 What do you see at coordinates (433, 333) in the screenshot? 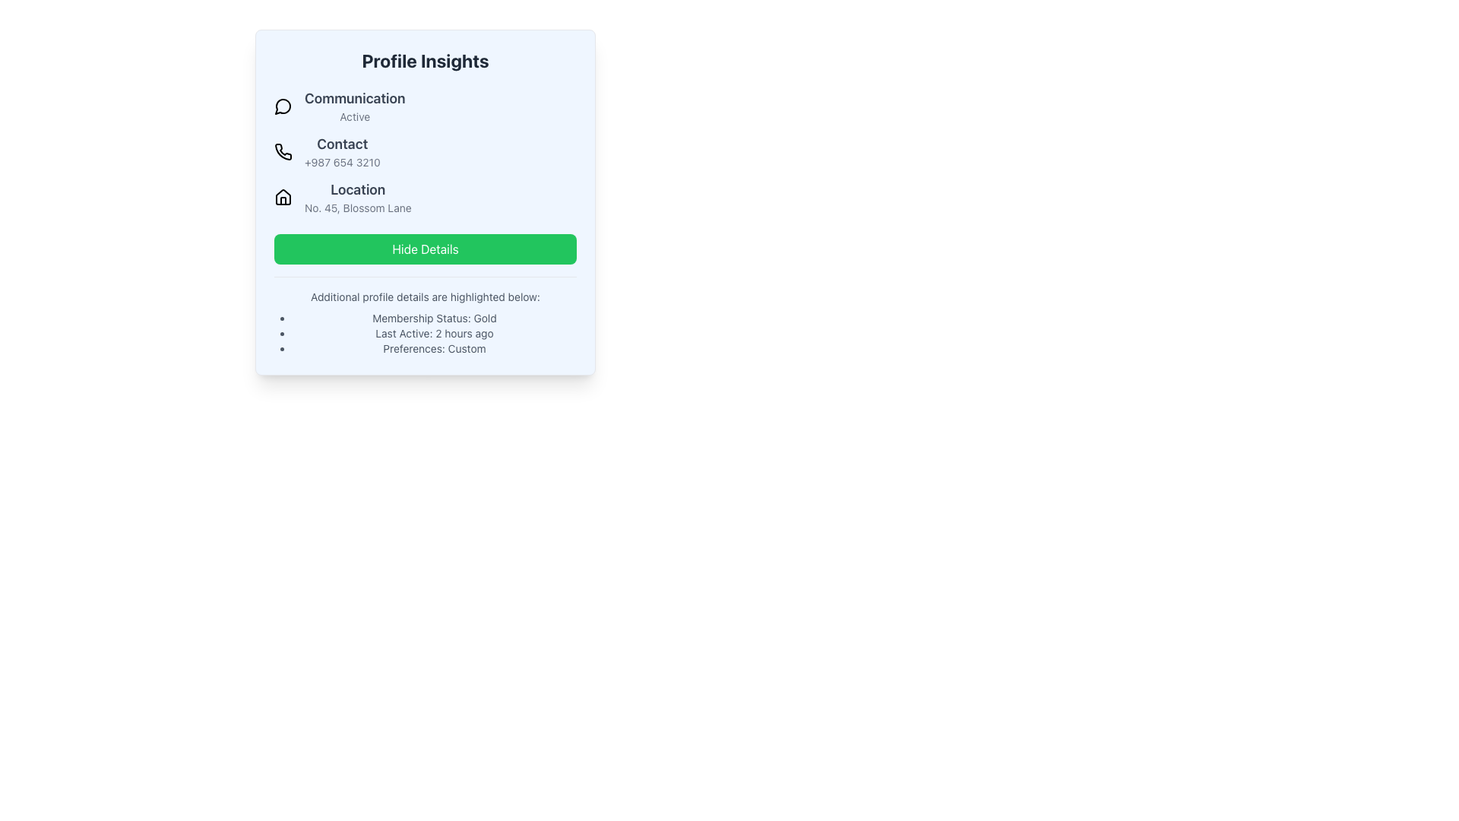
I see `the informative text that displays the last activity time of a user, located in the bulleted list beneath the header 'Additional profile details are highlighted below:', specifically the second item between 'Membership Status: Gold' and 'Preferences: Custom'` at bounding box center [433, 333].